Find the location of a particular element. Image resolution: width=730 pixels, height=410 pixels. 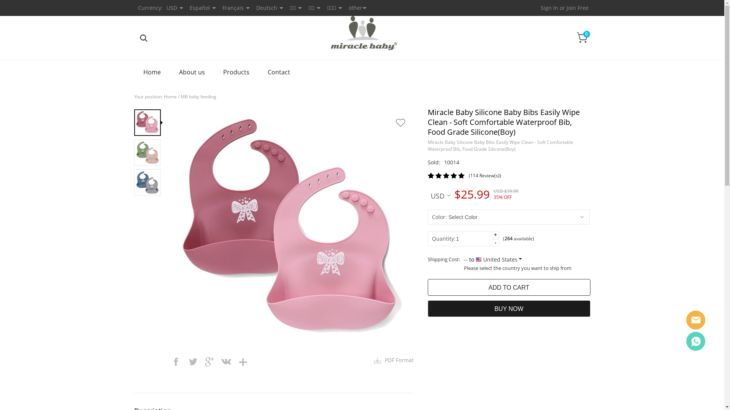

'twitter' is located at coordinates (192, 361).